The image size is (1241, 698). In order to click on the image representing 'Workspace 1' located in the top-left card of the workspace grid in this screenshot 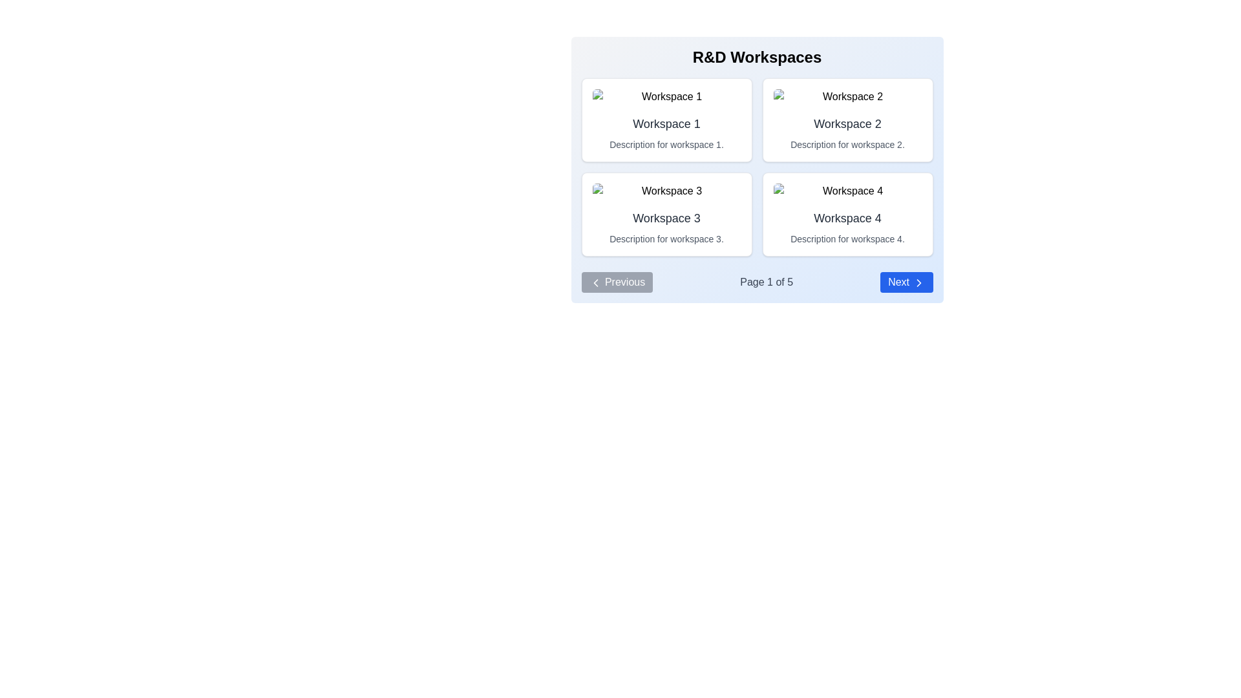, I will do `click(666, 96)`.